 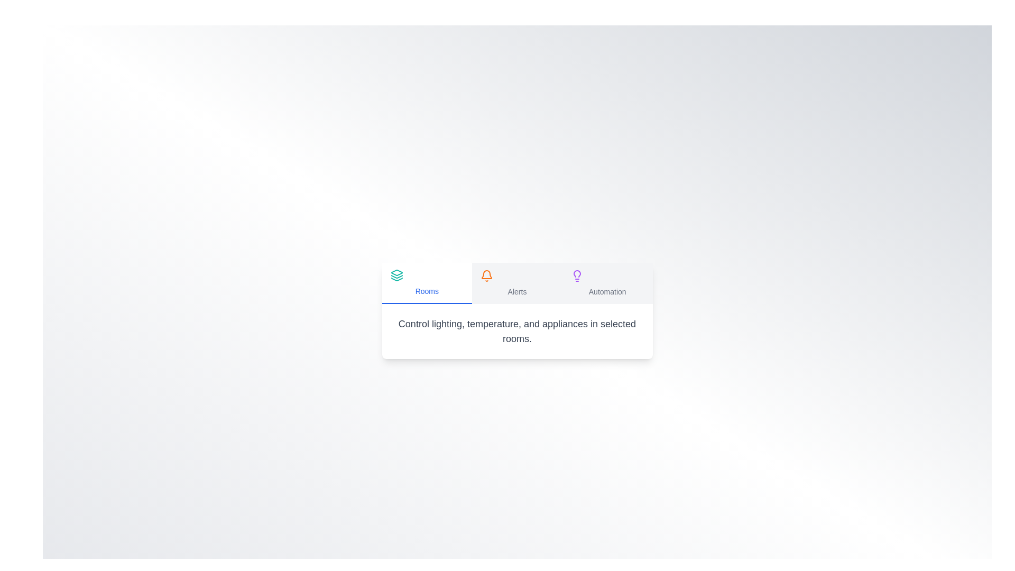 I want to click on the Alerts tab by clicking its button, so click(x=517, y=283).